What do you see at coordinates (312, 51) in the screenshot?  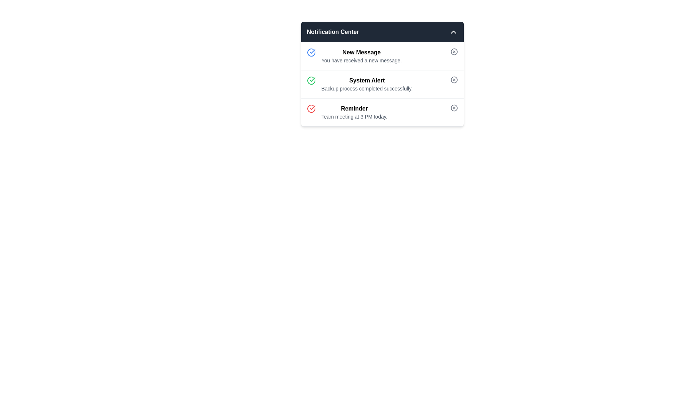 I see `the checkmark icon indicating a successful status for the 'System Alert' notification entry located in the Notification Center` at bounding box center [312, 51].